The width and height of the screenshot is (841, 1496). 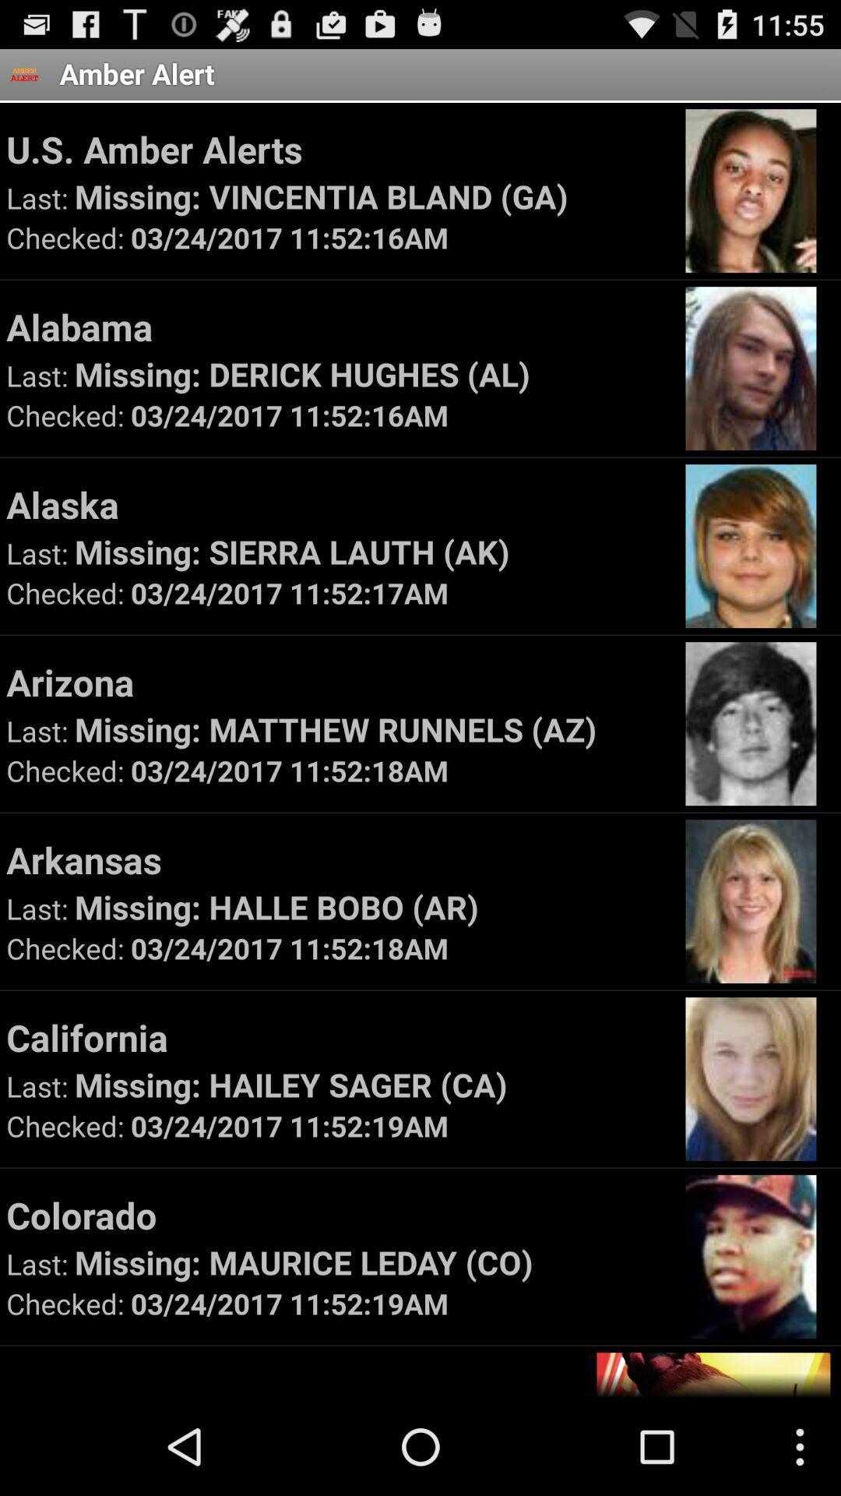 What do you see at coordinates (338, 682) in the screenshot?
I see `arizona app` at bounding box center [338, 682].